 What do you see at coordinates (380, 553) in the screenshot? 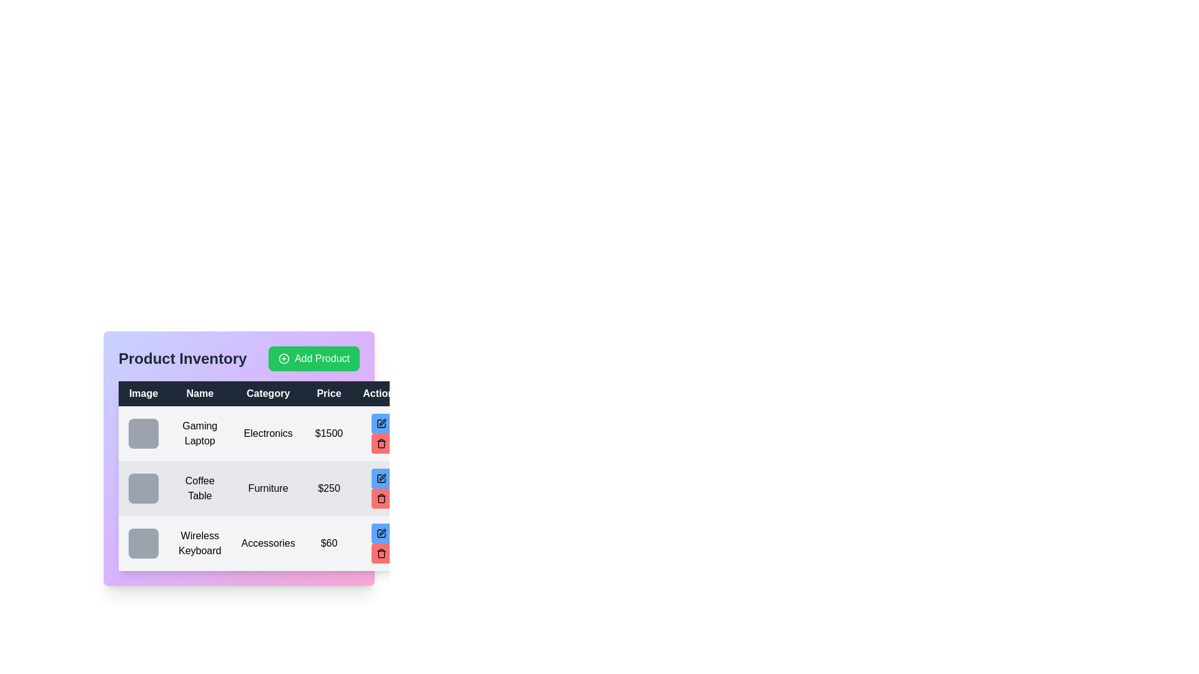
I see `the delete icon button in the 'Actions' column for the product 'Wireless Keyboard'` at bounding box center [380, 553].